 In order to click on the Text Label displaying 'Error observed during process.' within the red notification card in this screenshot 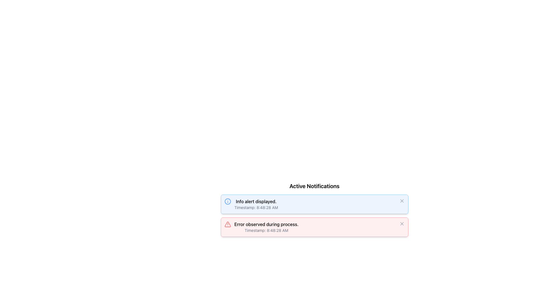, I will do `click(266, 224)`.